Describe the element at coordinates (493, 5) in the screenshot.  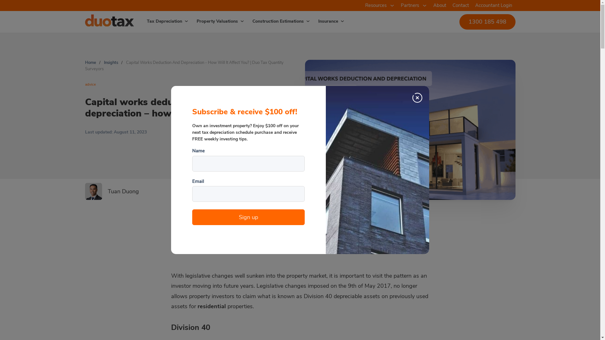
I see `'Accountant Login'` at that location.